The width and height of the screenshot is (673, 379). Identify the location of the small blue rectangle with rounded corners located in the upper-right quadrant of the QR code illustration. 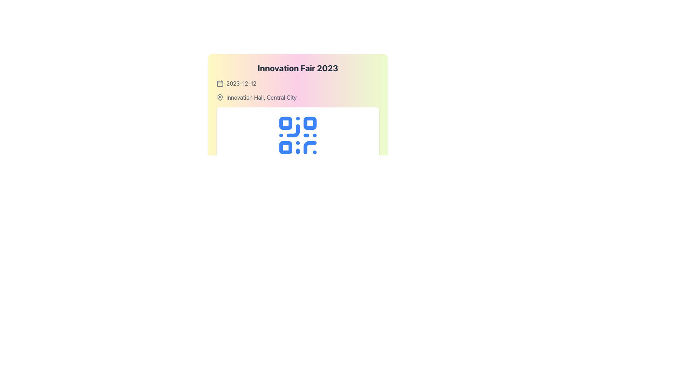
(310, 123).